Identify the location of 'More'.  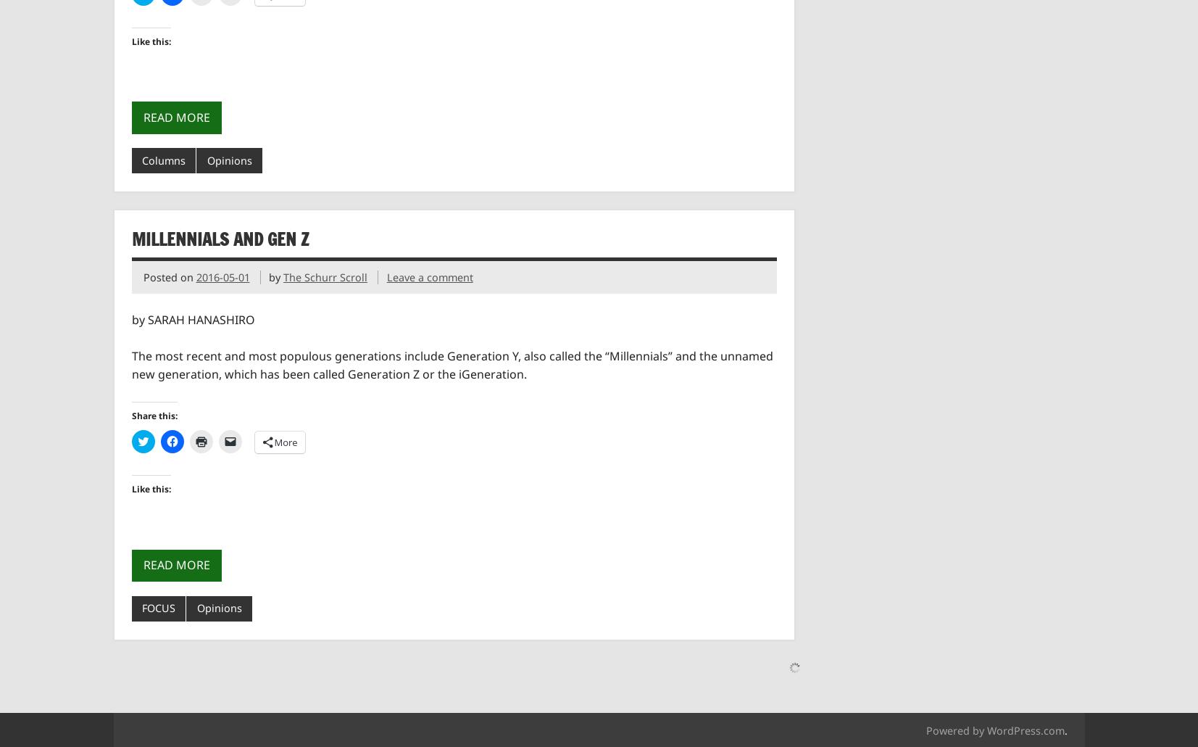
(285, 441).